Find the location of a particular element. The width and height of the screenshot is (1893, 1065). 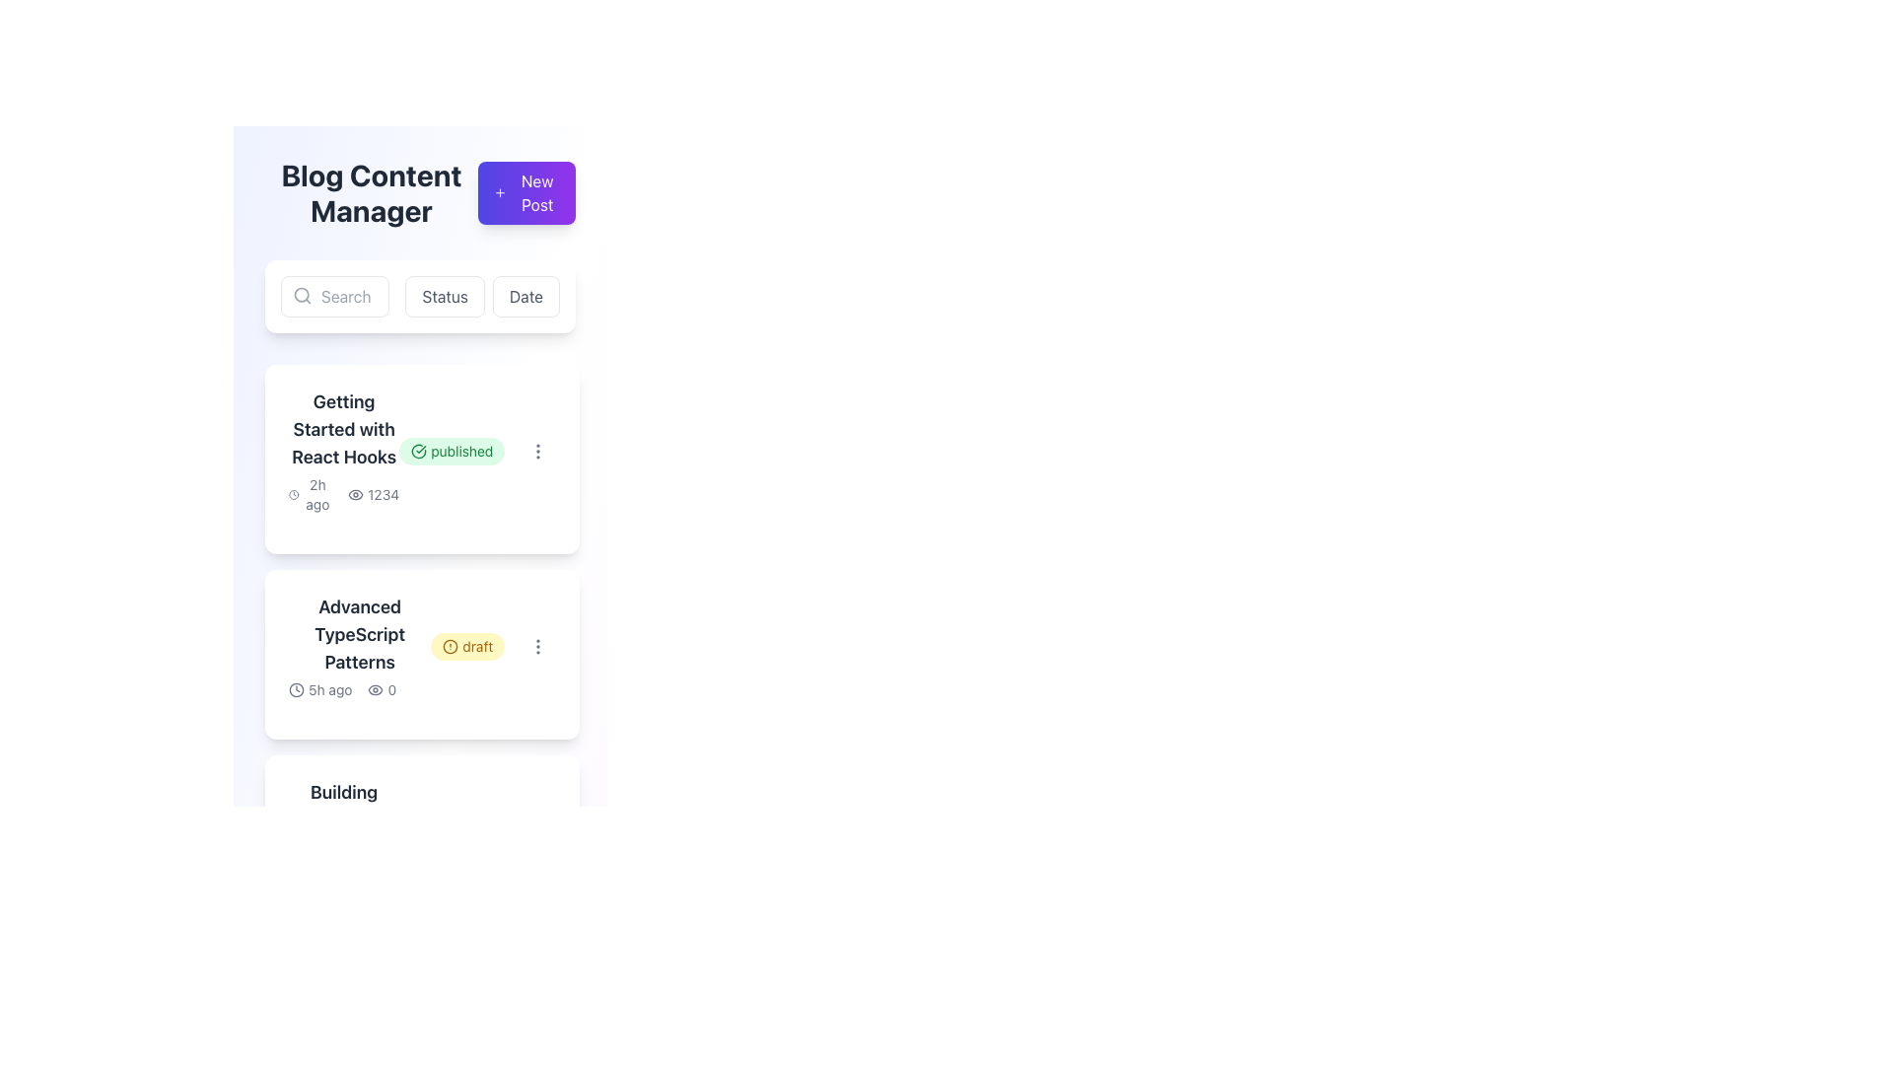

label of the Status Badge element with a rounded yellow background and 'draft' in brown text, located to the right of the 'Advanced TypeScript Patterns' heading in the second card of the list view is located at coordinates (466, 646).